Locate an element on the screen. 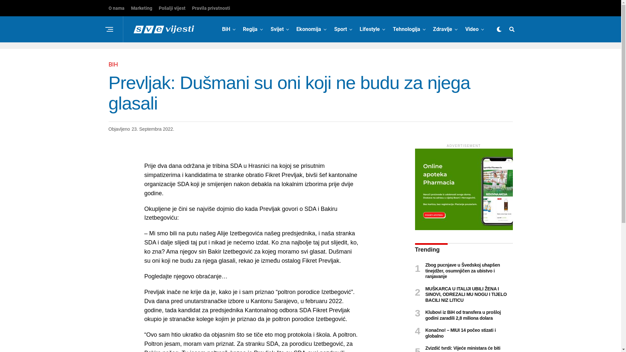  'BiH' is located at coordinates (226, 29).